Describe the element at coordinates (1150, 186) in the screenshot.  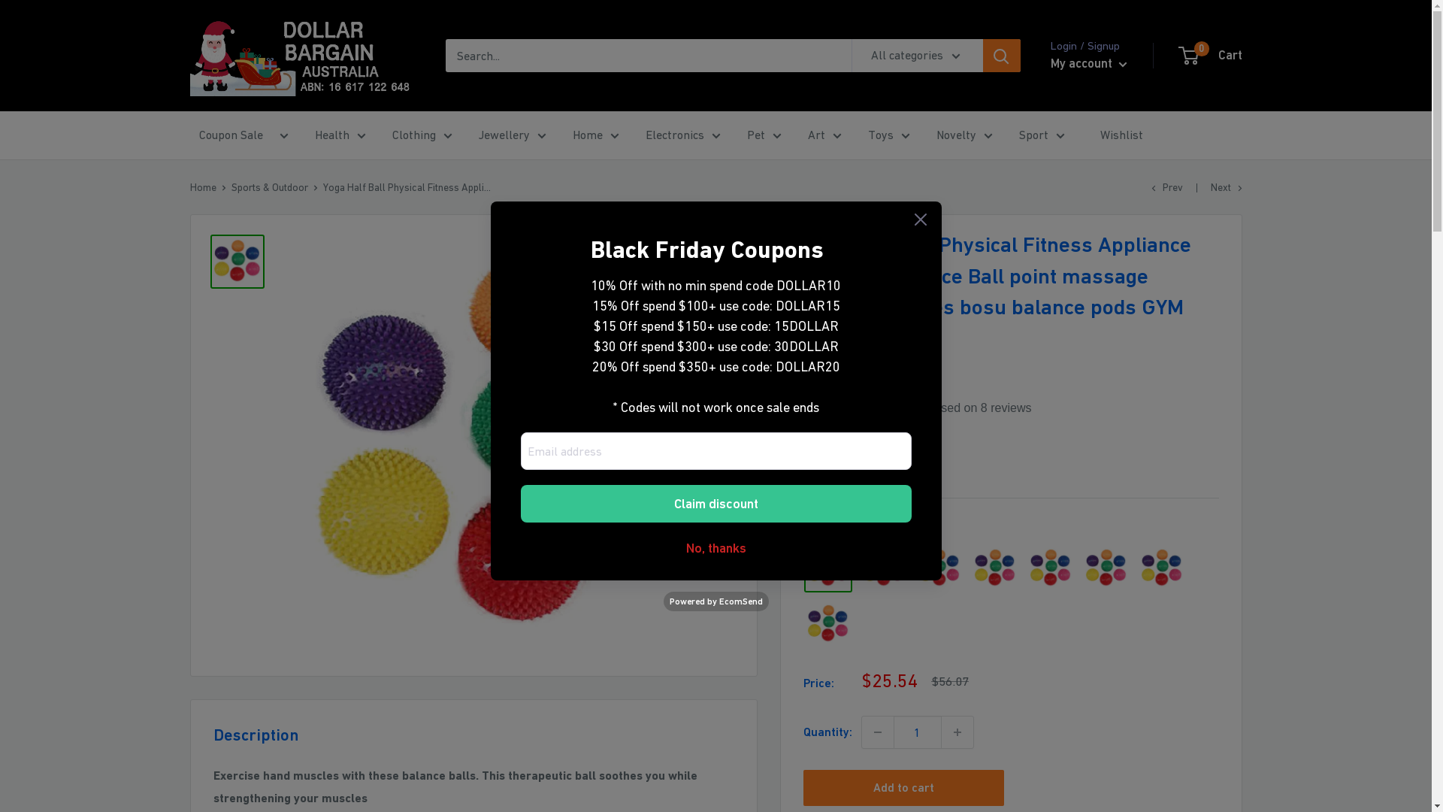
I see `'Prev'` at that location.